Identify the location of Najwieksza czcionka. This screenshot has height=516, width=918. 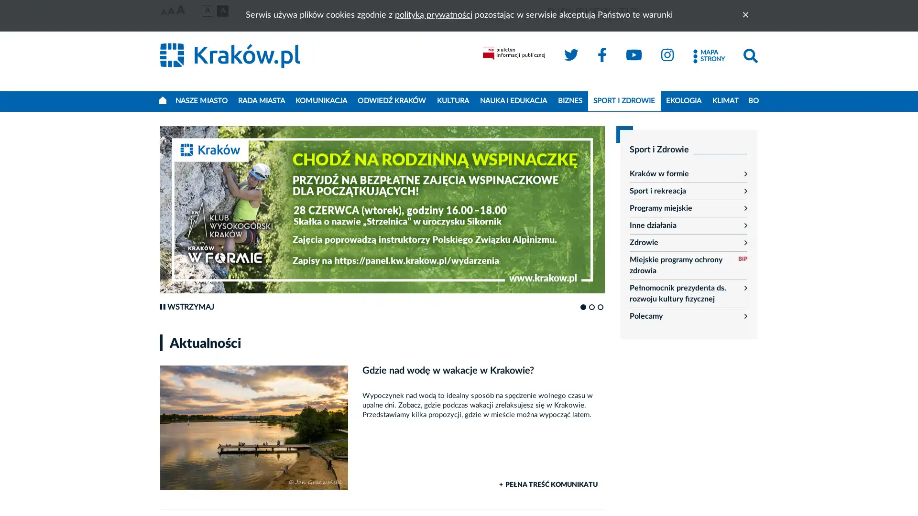
(180, 11).